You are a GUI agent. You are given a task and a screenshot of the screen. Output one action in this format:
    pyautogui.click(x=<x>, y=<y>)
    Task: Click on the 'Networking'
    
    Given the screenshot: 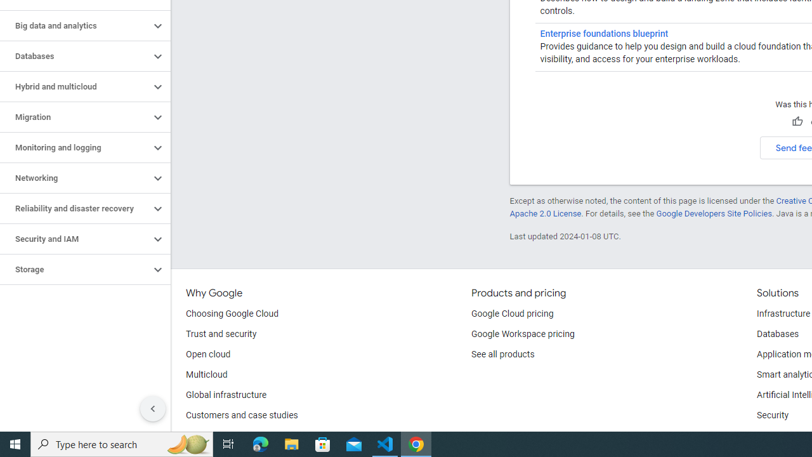 What is the action you would take?
    pyautogui.click(x=74, y=178)
    